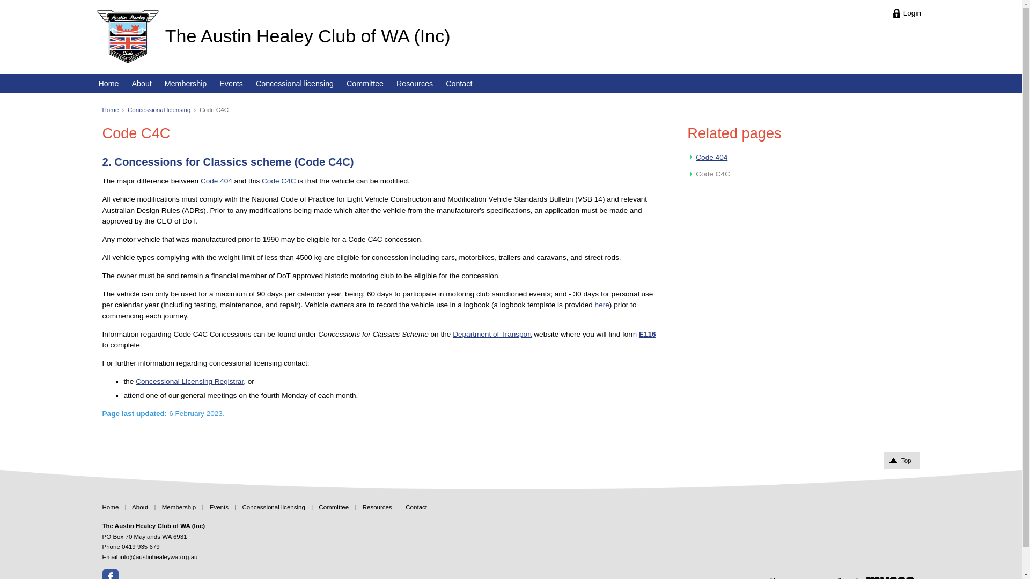  What do you see at coordinates (158, 109) in the screenshot?
I see `'Concessional licensing'` at bounding box center [158, 109].